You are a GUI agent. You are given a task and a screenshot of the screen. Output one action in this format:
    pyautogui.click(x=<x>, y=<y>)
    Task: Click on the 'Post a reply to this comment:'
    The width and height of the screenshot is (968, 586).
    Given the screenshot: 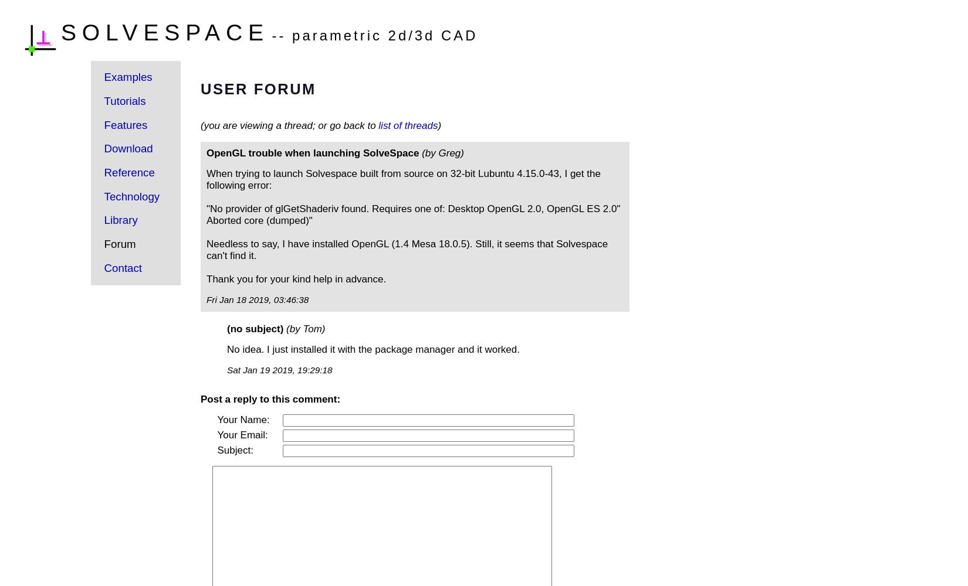 What is the action you would take?
    pyautogui.click(x=270, y=398)
    